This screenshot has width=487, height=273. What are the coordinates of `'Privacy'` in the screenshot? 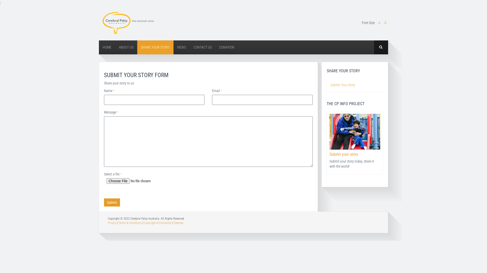 It's located at (112, 223).